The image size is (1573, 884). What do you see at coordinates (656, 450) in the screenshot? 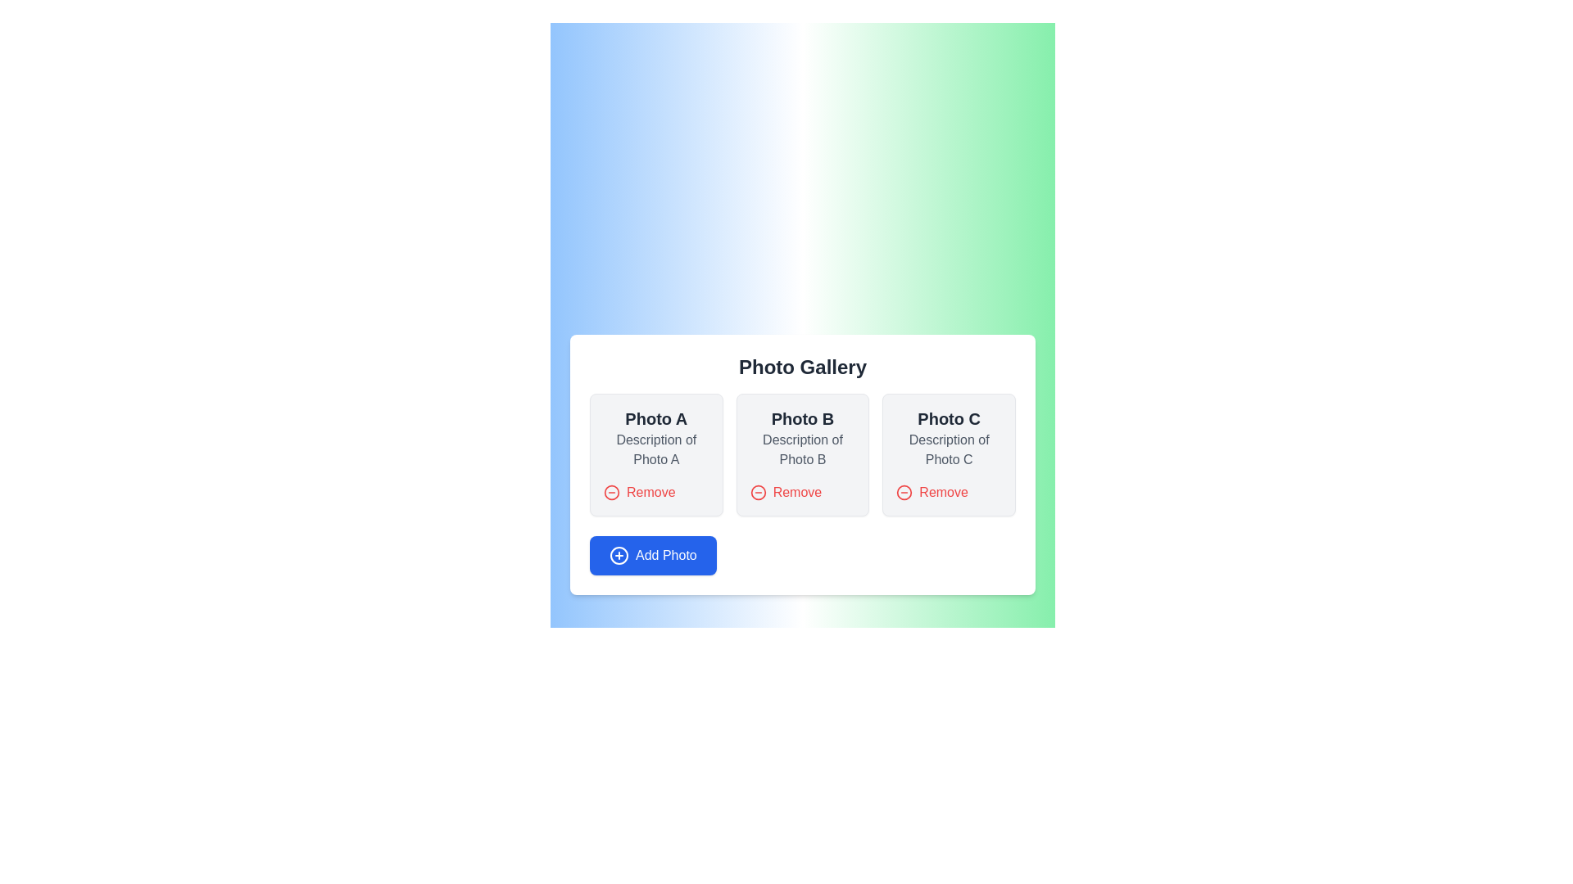
I see `the descriptive text block for 'Photo A', which is located directly below its title and above the 'Remove' button` at bounding box center [656, 450].